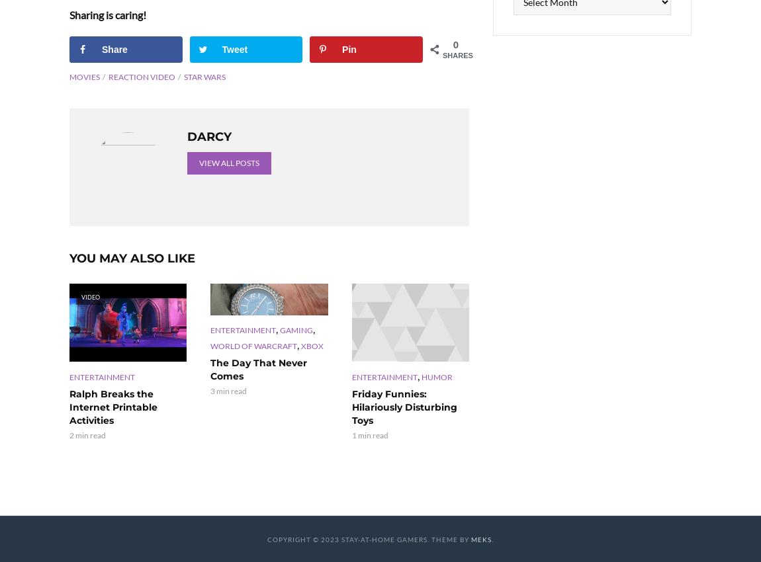  Describe the element at coordinates (228, 390) in the screenshot. I see `'3 min read'` at that location.